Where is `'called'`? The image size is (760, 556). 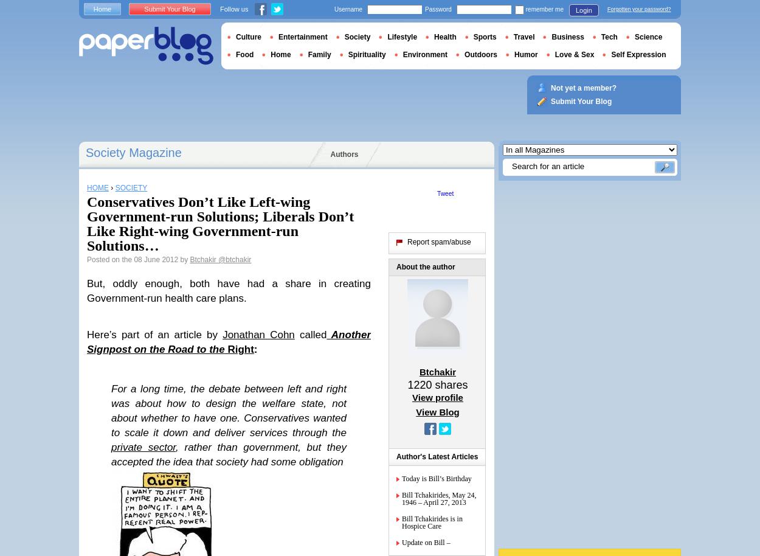 'called' is located at coordinates (310, 335).